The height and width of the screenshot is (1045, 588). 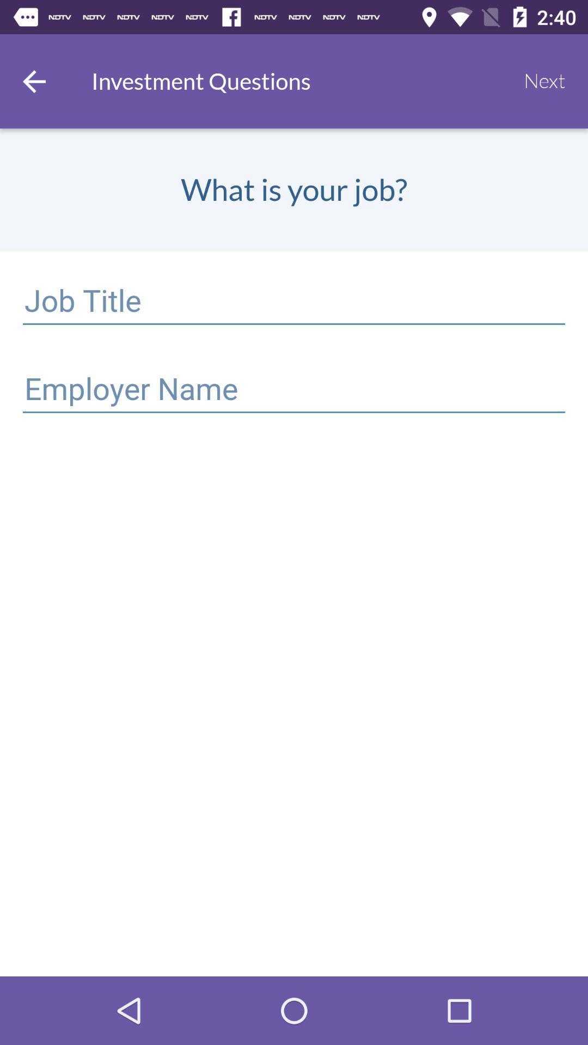 I want to click on job title, so click(x=294, y=303).